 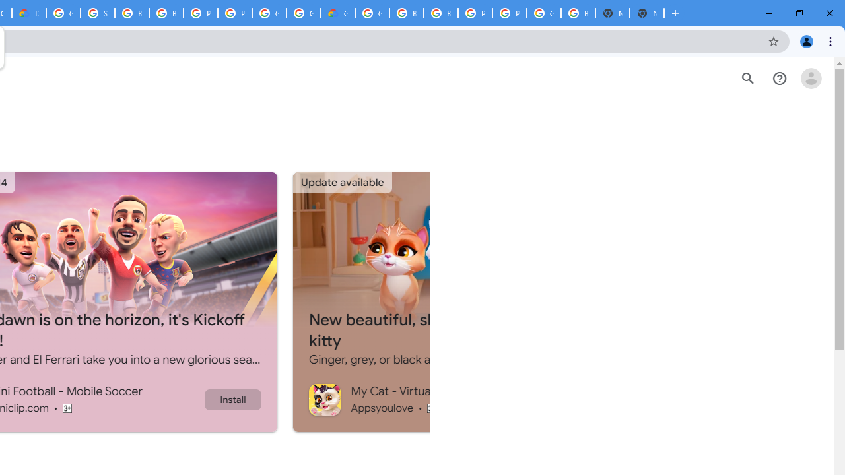 What do you see at coordinates (166, 13) in the screenshot?
I see `'Browse Chrome as a guest - Computer - Google Chrome Help'` at bounding box center [166, 13].